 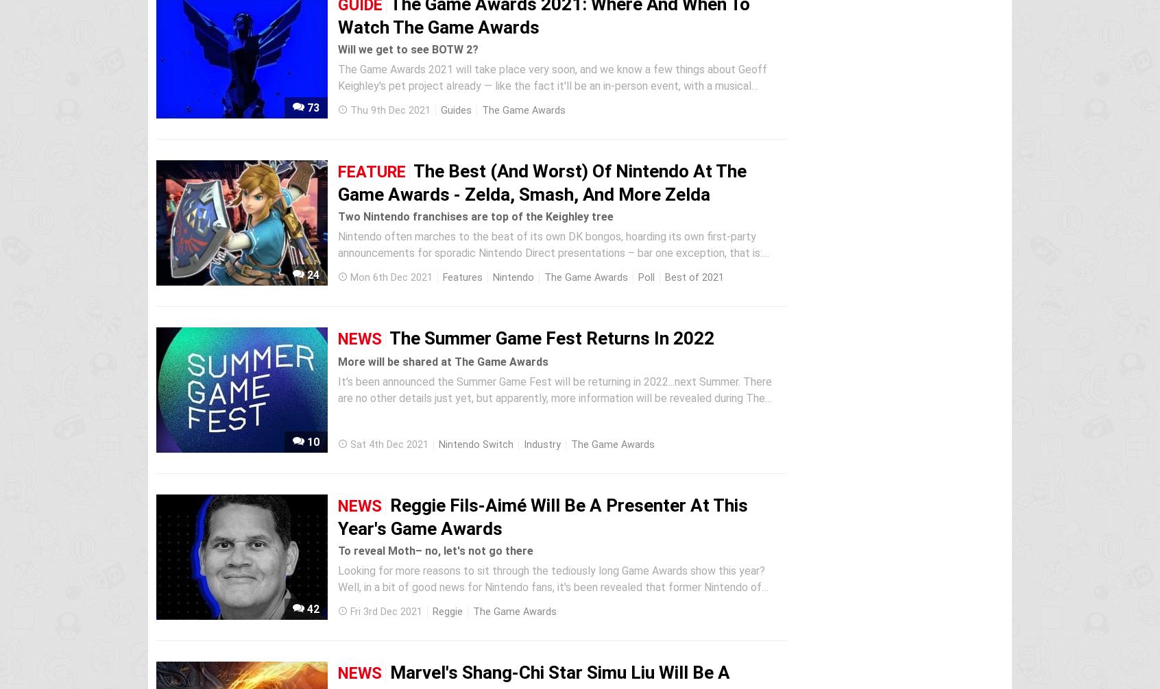 I want to click on 'Poll', so click(x=646, y=277).